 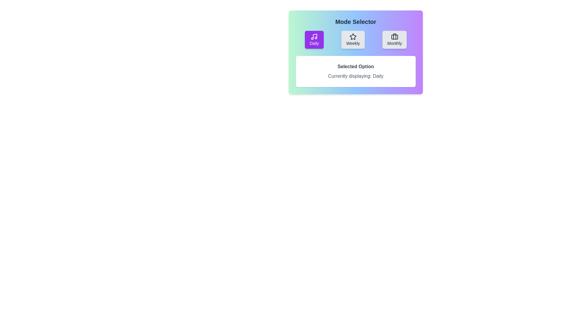 What do you see at coordinates (353, 37) in the screenshot?
I see `the 'Weekly' mode icon embedded within the button` at bounding box center [353, 37].